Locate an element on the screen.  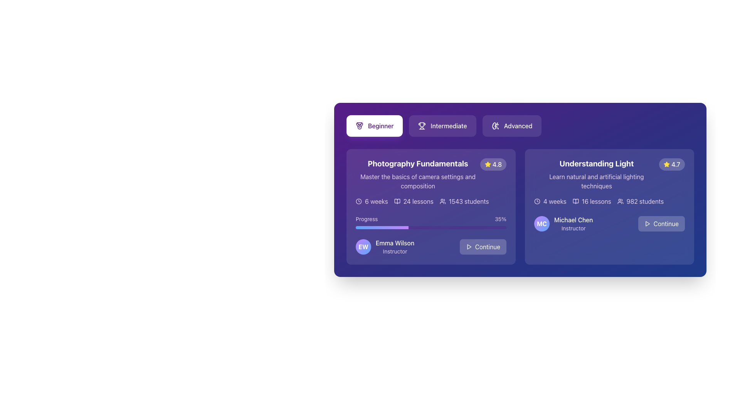
text element representing the number of lessons in the 'Photography Fundamentals' course, which is positioned between the duration and student count is located at coordinates (413, 201).